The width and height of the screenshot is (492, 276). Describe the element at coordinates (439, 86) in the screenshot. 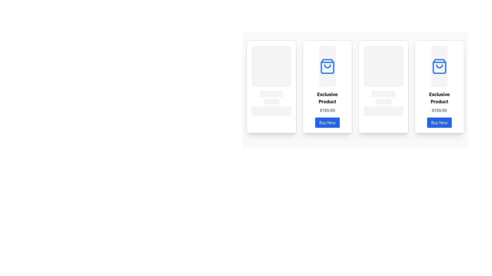

I see `the fourth product display card located at the far-right end of a horizontally arranged grid of four similar cards` at that location.